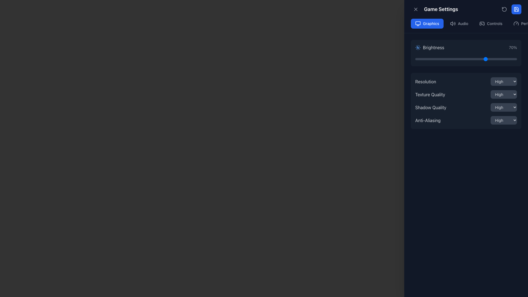 The image size is (528, 297). What do you see at coordinates (459, 23) in the screenshot?
I see `the 'Audio' button, which is a rectangular button with a speaker icon and text, located` at bounding box center [459, 23].